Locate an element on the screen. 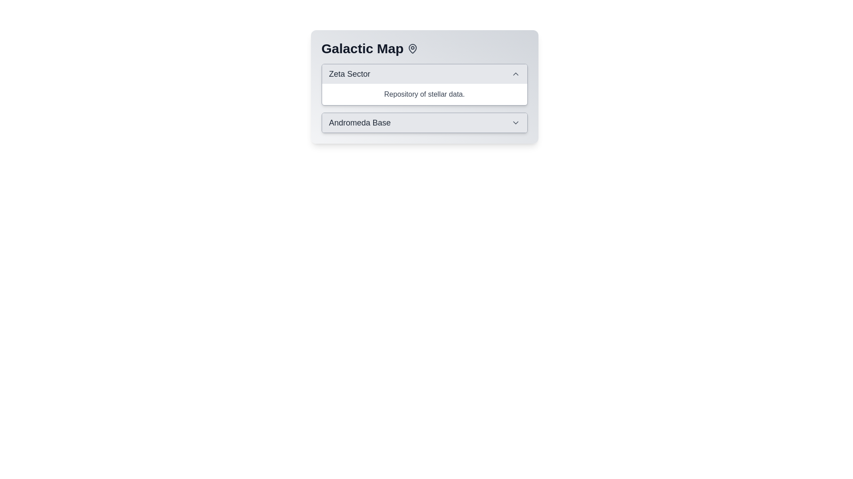 This screenshot has width=853, height=479. the text label indicating the current selection within the dropdown menu associated with the 'Galactic Map' title is located at coordinates (360, 123).